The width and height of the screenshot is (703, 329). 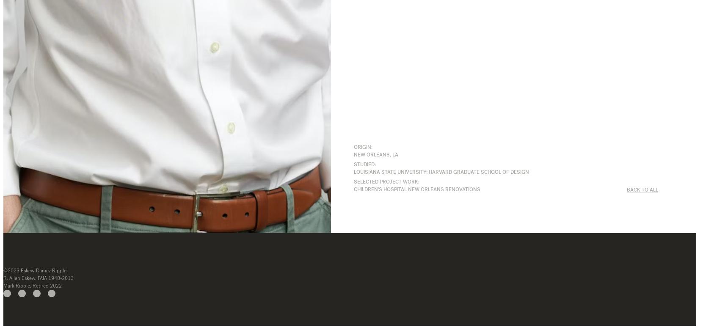 I want to click on 'Louisiana State University; Harvard Graduate School of Design', so click(x=441, y=172).